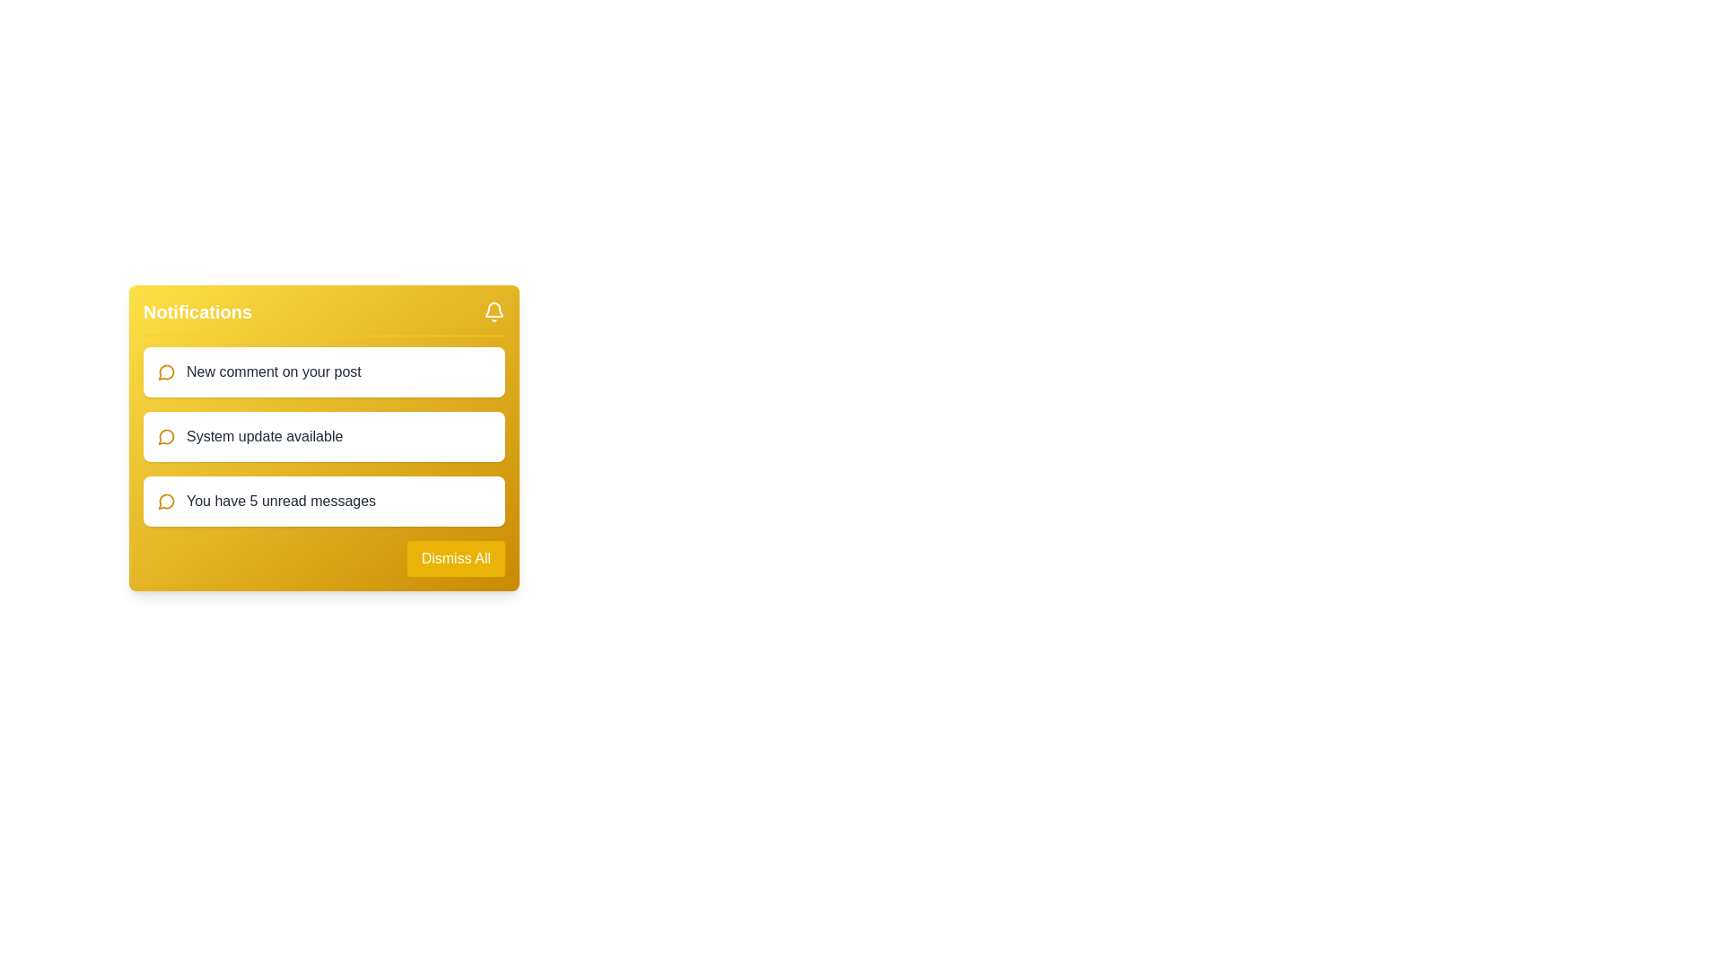 Image resolution: width=1723 pixels, height=969 pixels. What do you see at coordinates (273, 371) in the screenshot?
I see `the static text notification reading 'New comment on your post' which is styled in gray font color and is visually embedded within a white rectangular module with rounded corners, positioned alongside a yellow circular icon depicting a speech bubble` at bounding box center [273, 371].